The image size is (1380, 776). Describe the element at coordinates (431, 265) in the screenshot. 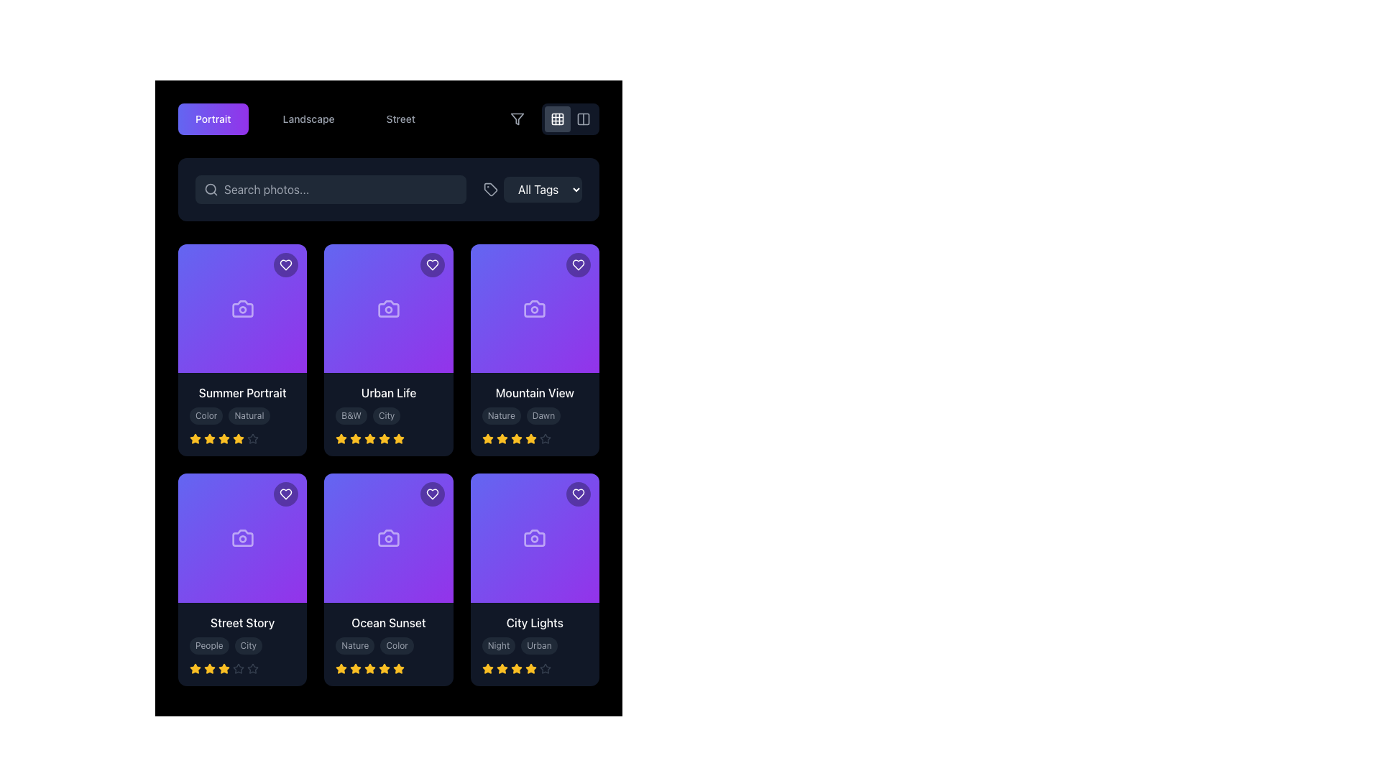

I see `the heart icon styled as an outline within a circular button in the top-right corner of the second card to mark the item as favorite` at that location.